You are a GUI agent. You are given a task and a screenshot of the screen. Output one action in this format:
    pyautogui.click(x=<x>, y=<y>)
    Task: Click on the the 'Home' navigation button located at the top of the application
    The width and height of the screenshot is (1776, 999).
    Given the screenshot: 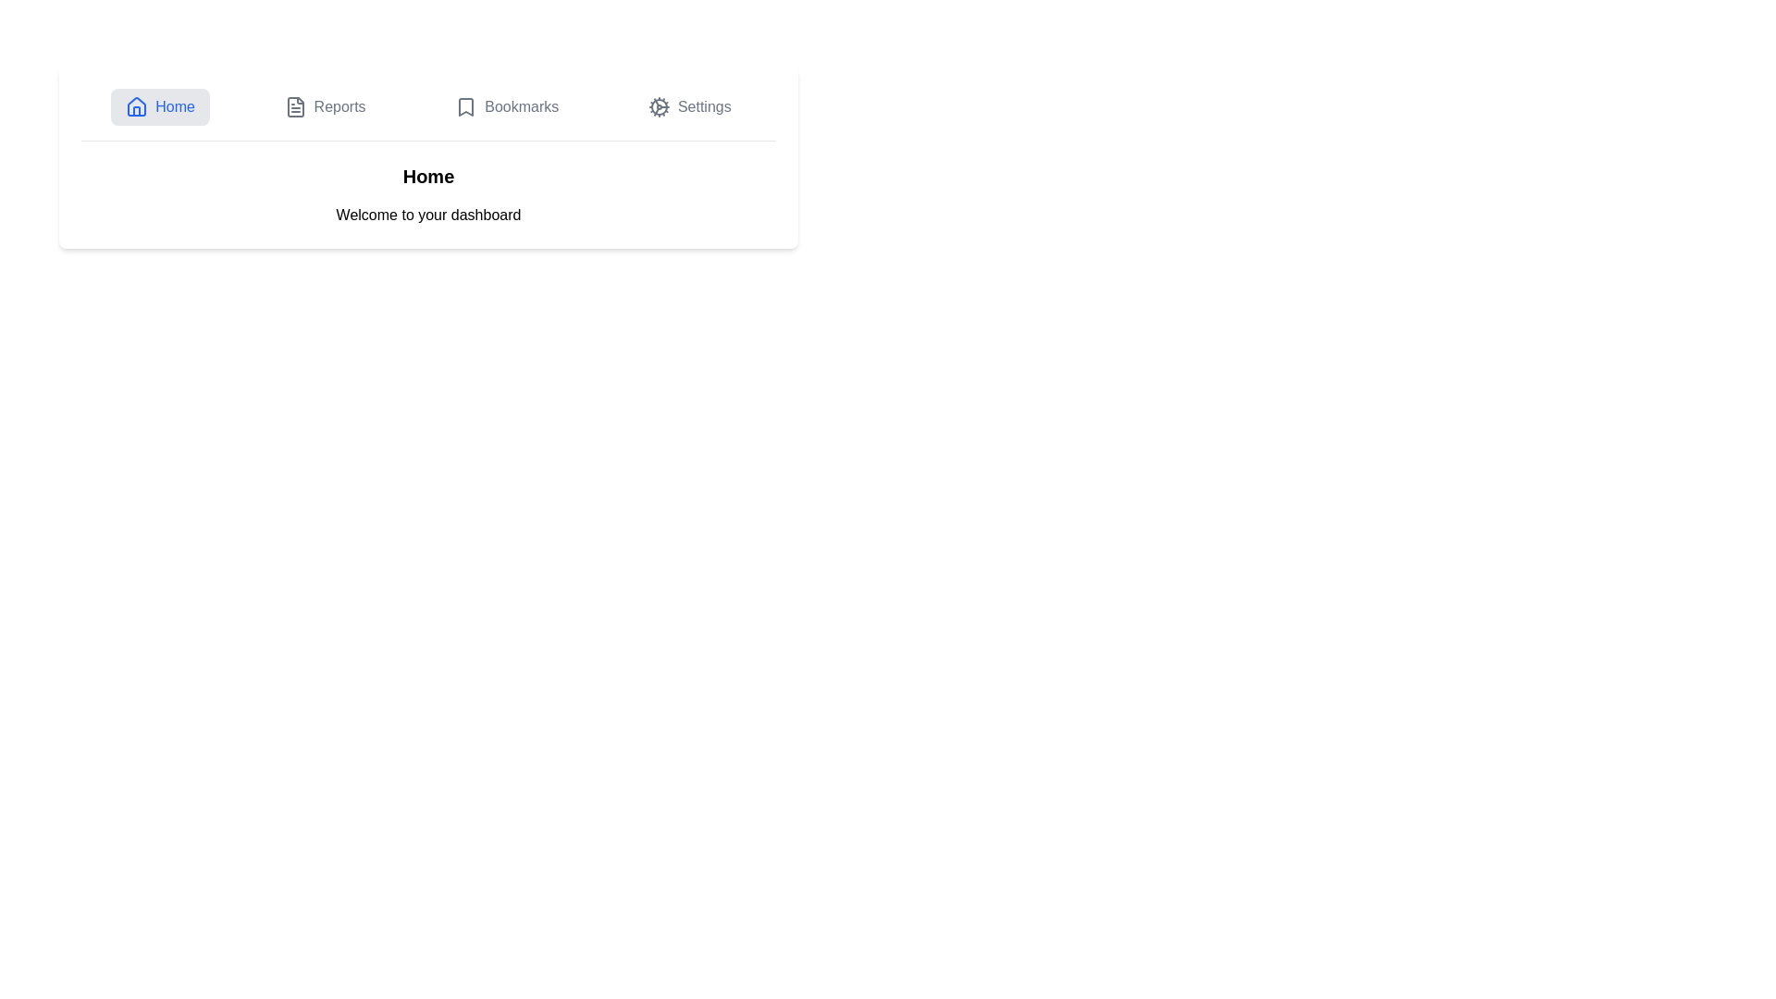 What is the action you would take?
    pyautogui.click(x=160, y=106)
    